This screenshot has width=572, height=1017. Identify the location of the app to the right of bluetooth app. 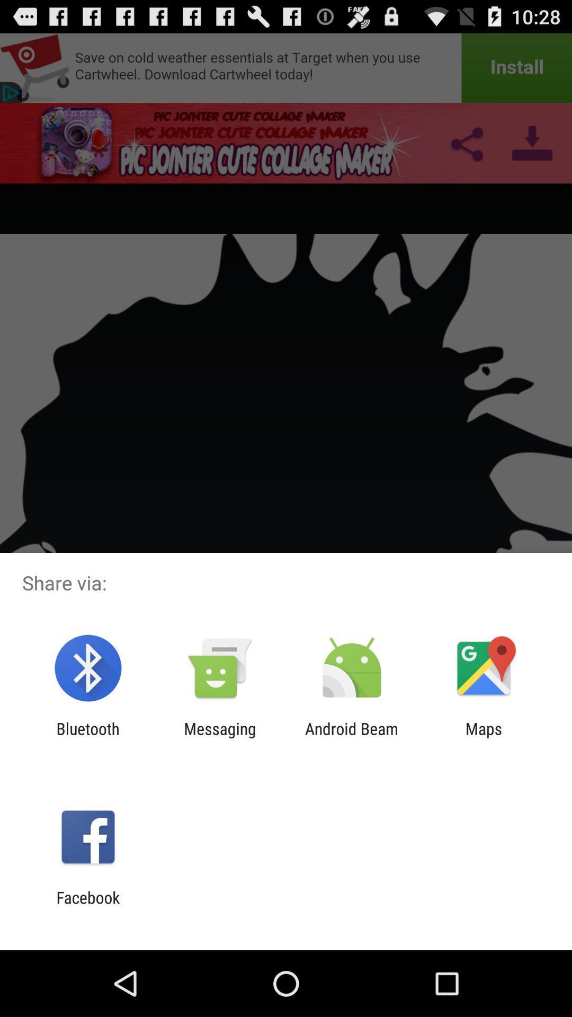
(219, 737).